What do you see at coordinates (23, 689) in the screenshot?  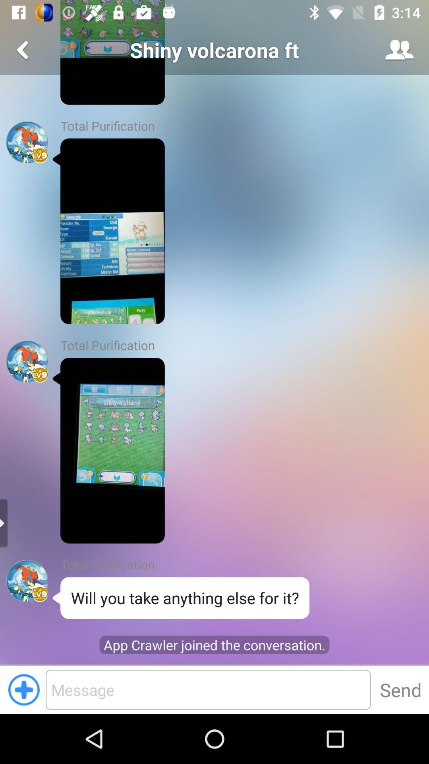 I see `the add icon` at bounding box center [23, 689].